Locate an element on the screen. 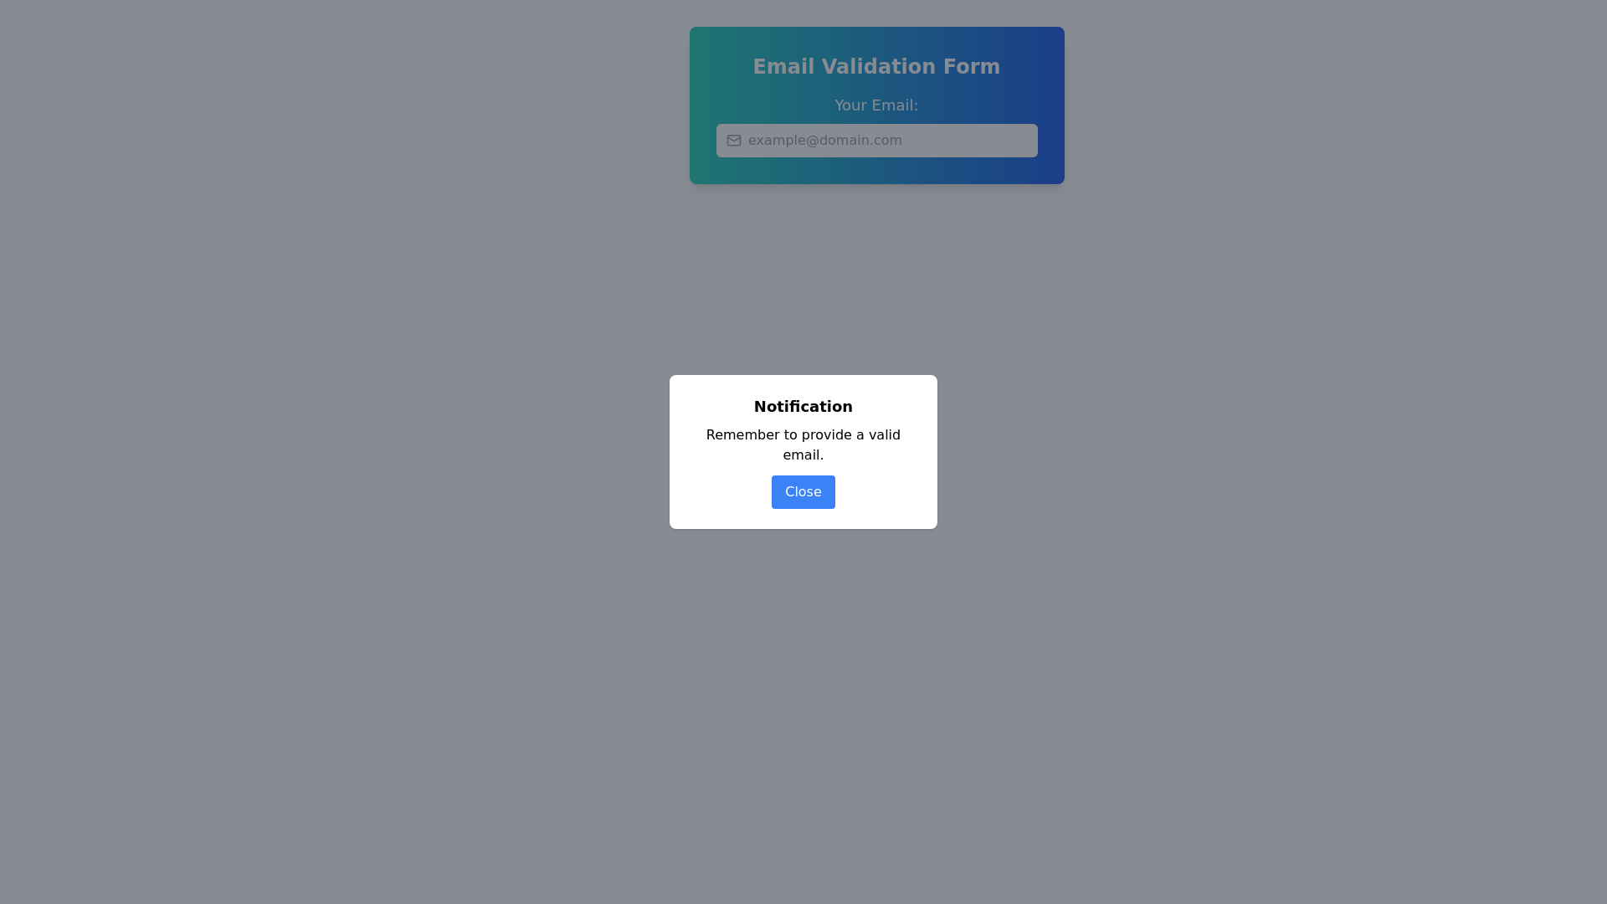  the static text label for the email input field in the 'Email Validation Form', which is located at the top of the interface is located at coordinates (875, 105).